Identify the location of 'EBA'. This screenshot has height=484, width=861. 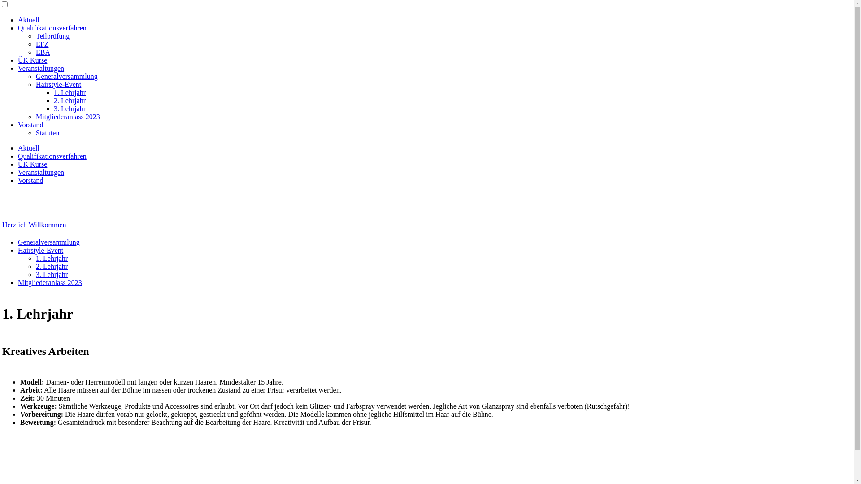
(43, 52).